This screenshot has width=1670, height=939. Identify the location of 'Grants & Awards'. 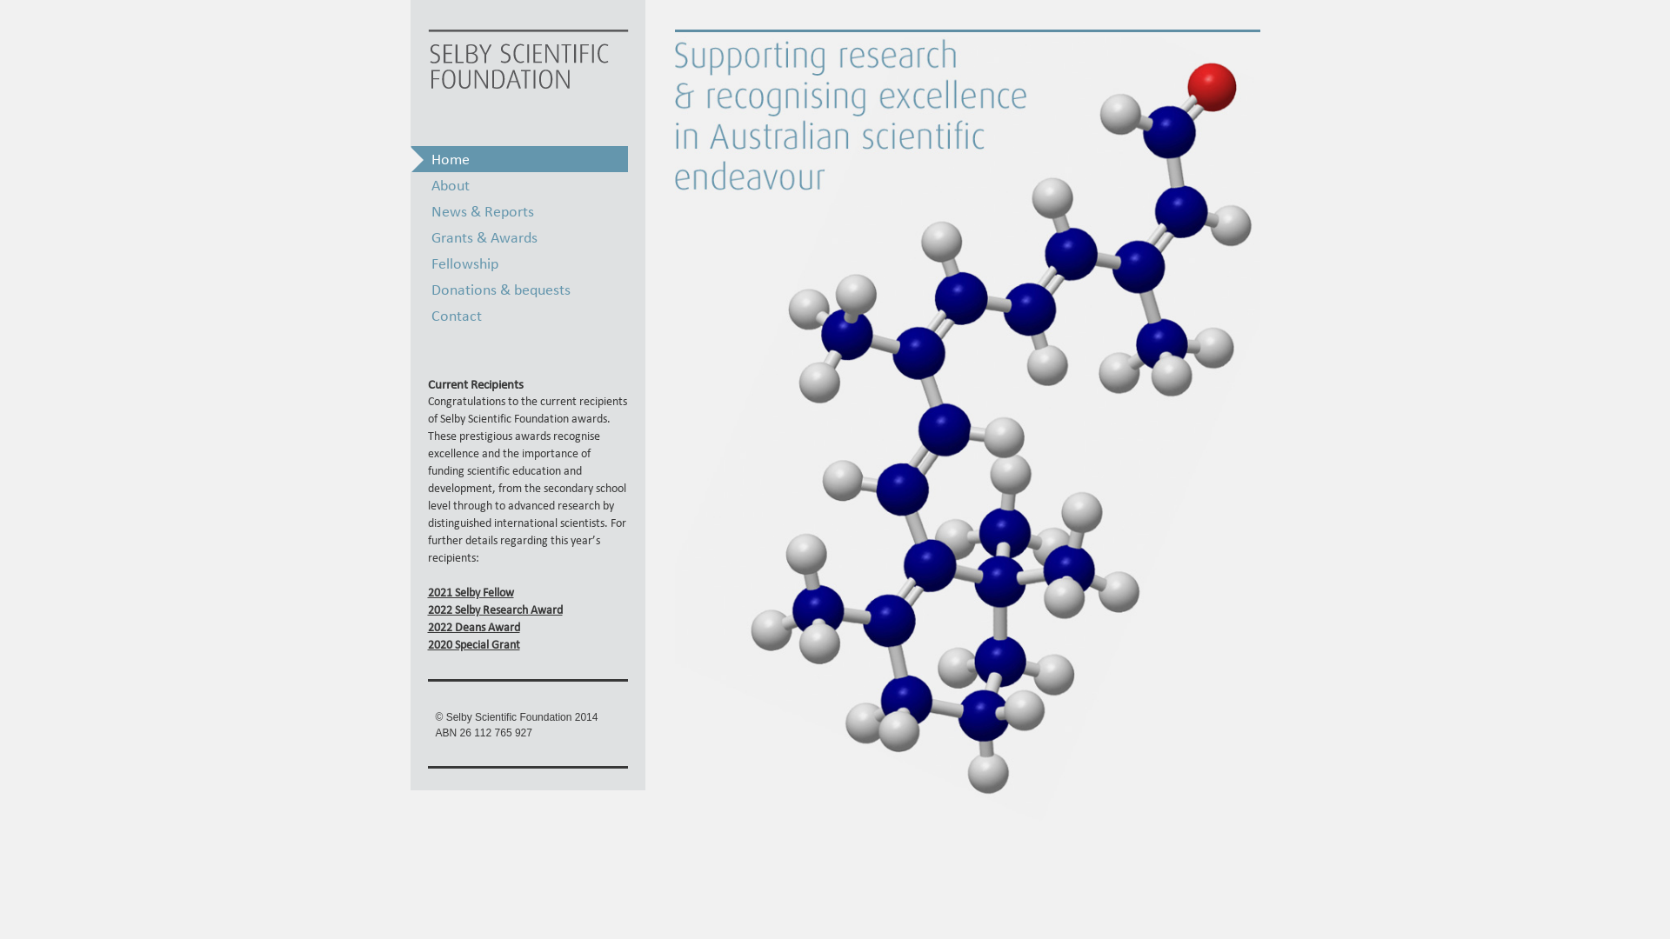
(518, 237).